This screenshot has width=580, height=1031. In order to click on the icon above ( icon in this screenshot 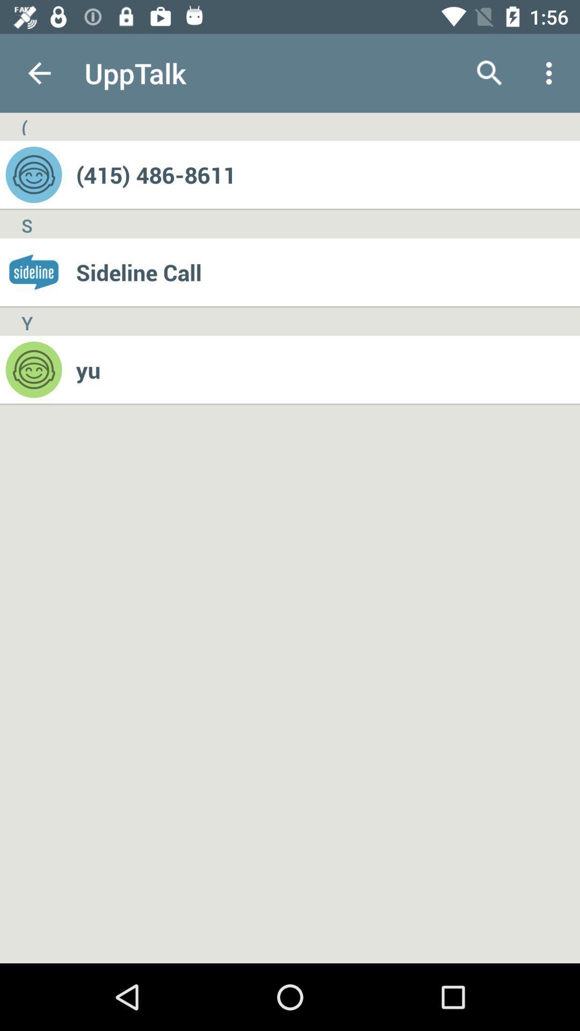, I will do `click(39, 72)`.